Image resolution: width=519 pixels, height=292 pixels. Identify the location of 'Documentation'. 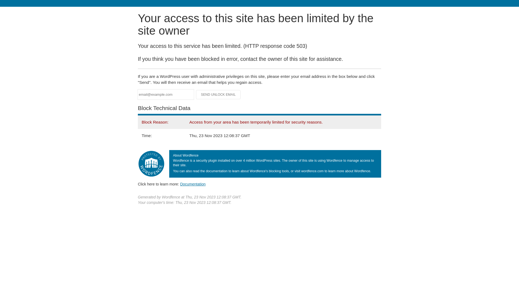
(193, 184).